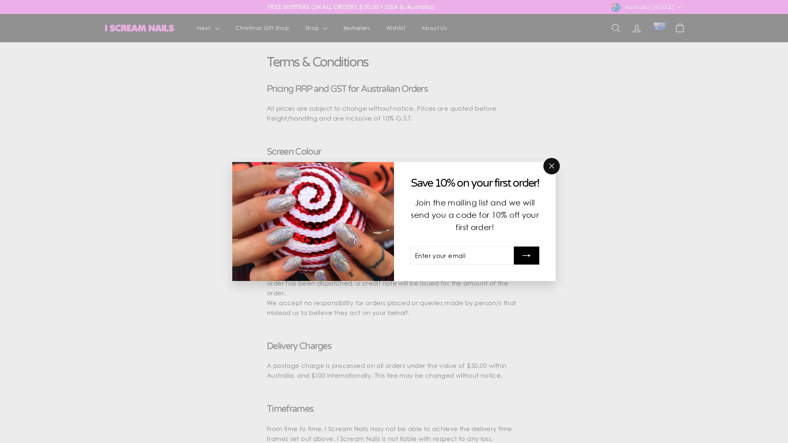 This screenshot has width=788, height=443. Describe the element at coordinates (335, 27) in the screenshot. I see `'Bestsellers'` at that location.